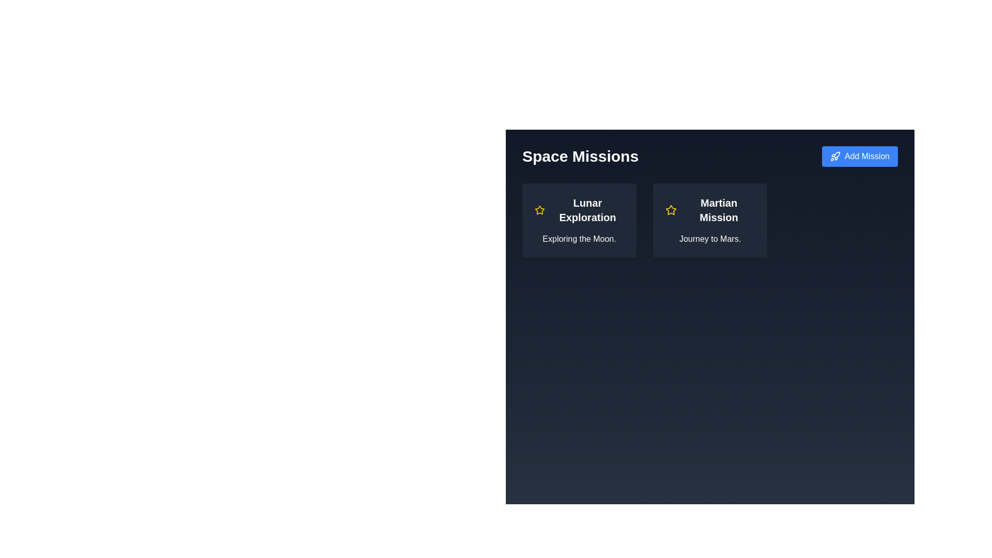 This screenshot has width=992, height=558. I want to click on the 'Add Mission' button that contains a small blue rocket icon in the top-right corner of the interface, so click(835, 157).